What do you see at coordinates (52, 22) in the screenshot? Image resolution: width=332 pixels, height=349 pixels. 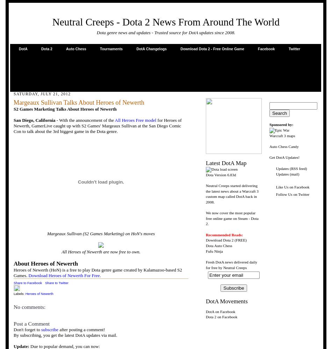 I see `'Neutral Creeps - Dota 2 News From Around The World'` at bounding box center [52, 22].